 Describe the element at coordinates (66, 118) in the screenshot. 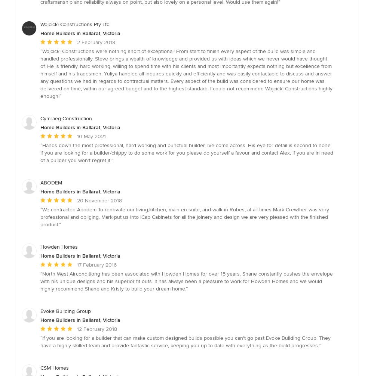

I see `'Cymraeg Construction'` at that location.